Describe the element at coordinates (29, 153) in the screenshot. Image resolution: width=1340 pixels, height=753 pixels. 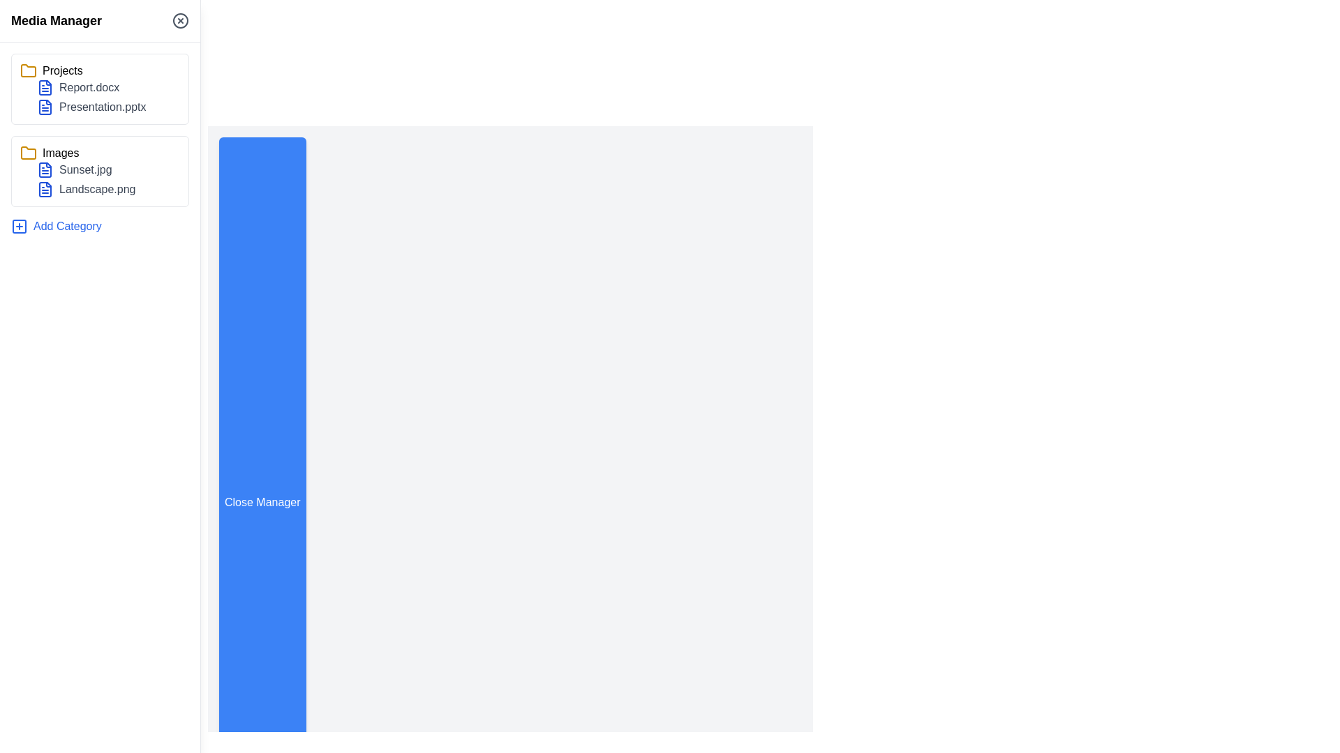
I see `the small yellow folder icon located in the left sidebar next to the 'Images' label` at that location.